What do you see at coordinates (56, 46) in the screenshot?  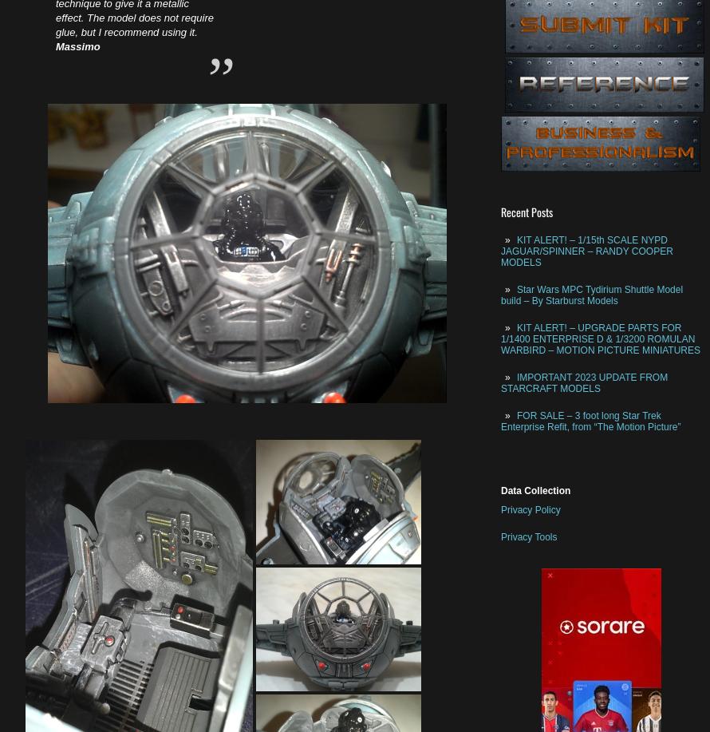 I see `'Massimo'` at bounding box center [56, 46].